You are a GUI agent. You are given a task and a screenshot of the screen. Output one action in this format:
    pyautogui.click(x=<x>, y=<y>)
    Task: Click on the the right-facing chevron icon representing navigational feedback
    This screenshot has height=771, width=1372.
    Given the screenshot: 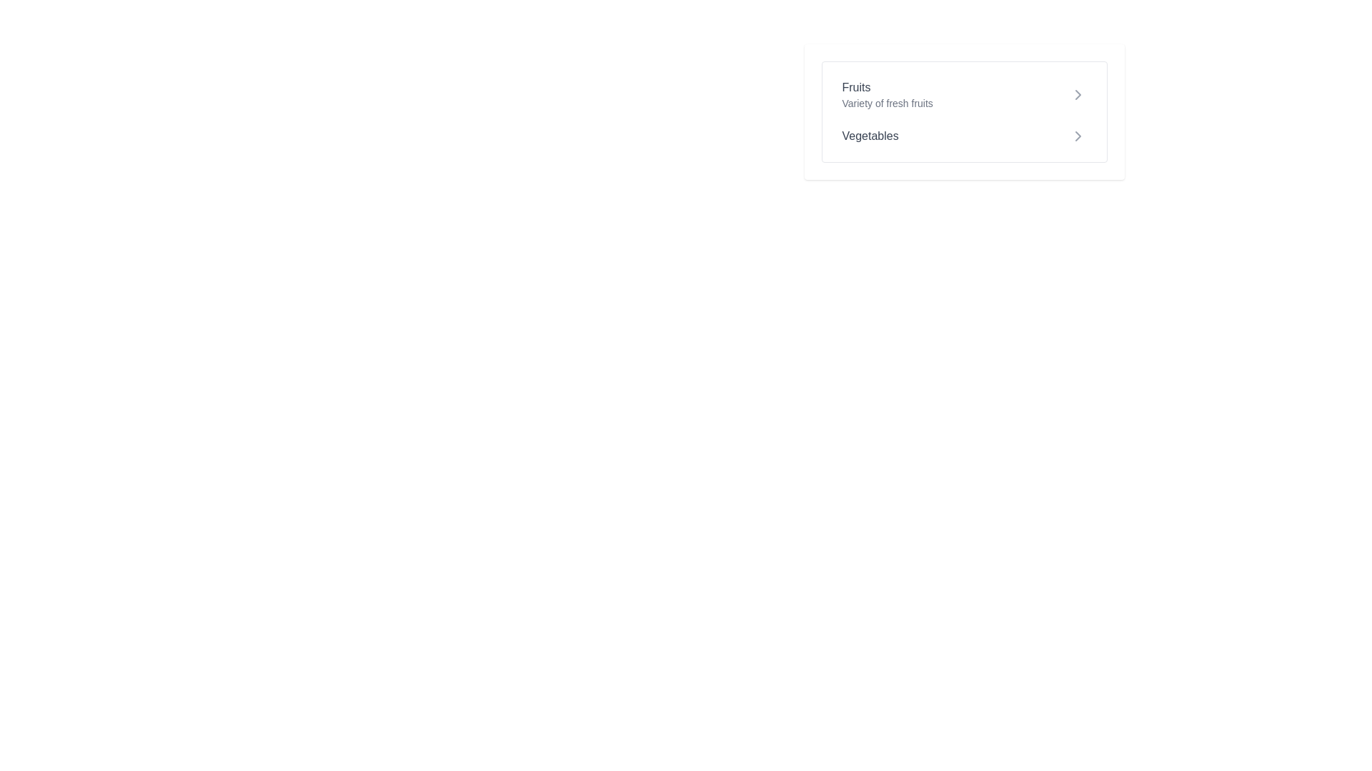 What is the action you would take?
    pyautogui.click(x=1078, y=136)
    